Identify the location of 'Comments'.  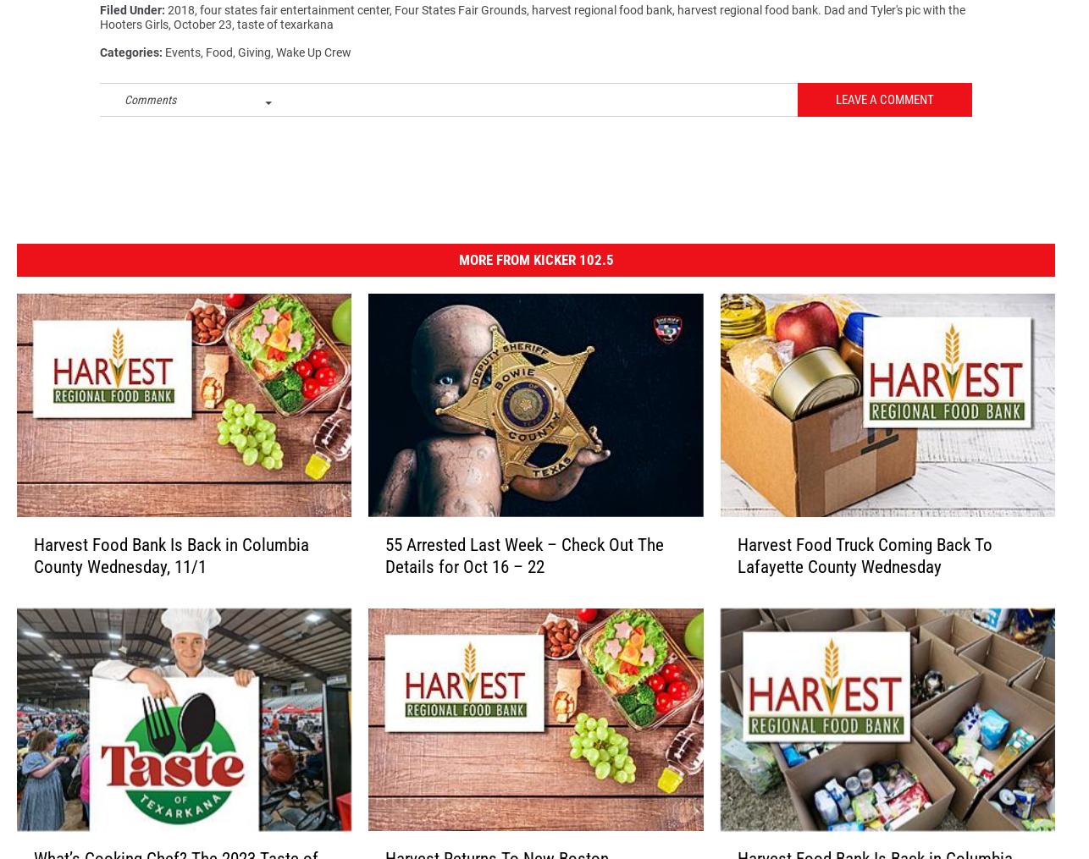
(150, 107).